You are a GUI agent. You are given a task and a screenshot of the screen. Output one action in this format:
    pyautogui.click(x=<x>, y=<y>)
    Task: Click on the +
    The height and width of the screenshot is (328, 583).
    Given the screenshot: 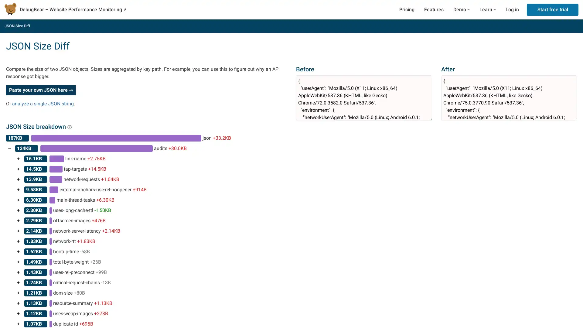 What is the action you would take?
    pyautogui.click(x=18, y=262)
    